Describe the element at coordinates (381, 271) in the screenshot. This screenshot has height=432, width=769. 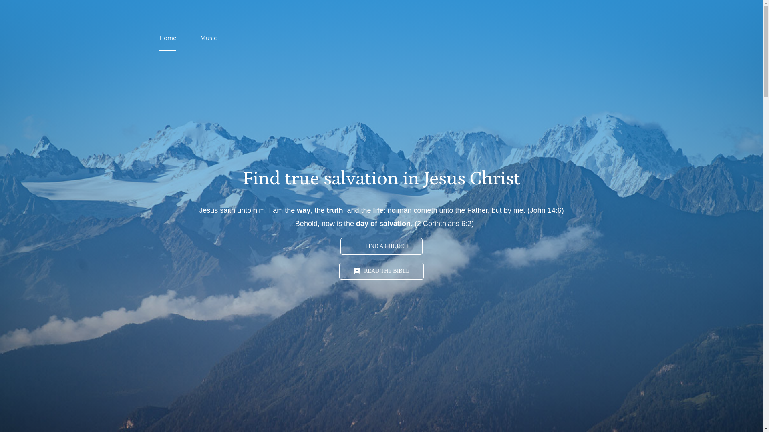
I see `'READ THE BIBLE'` at that location.